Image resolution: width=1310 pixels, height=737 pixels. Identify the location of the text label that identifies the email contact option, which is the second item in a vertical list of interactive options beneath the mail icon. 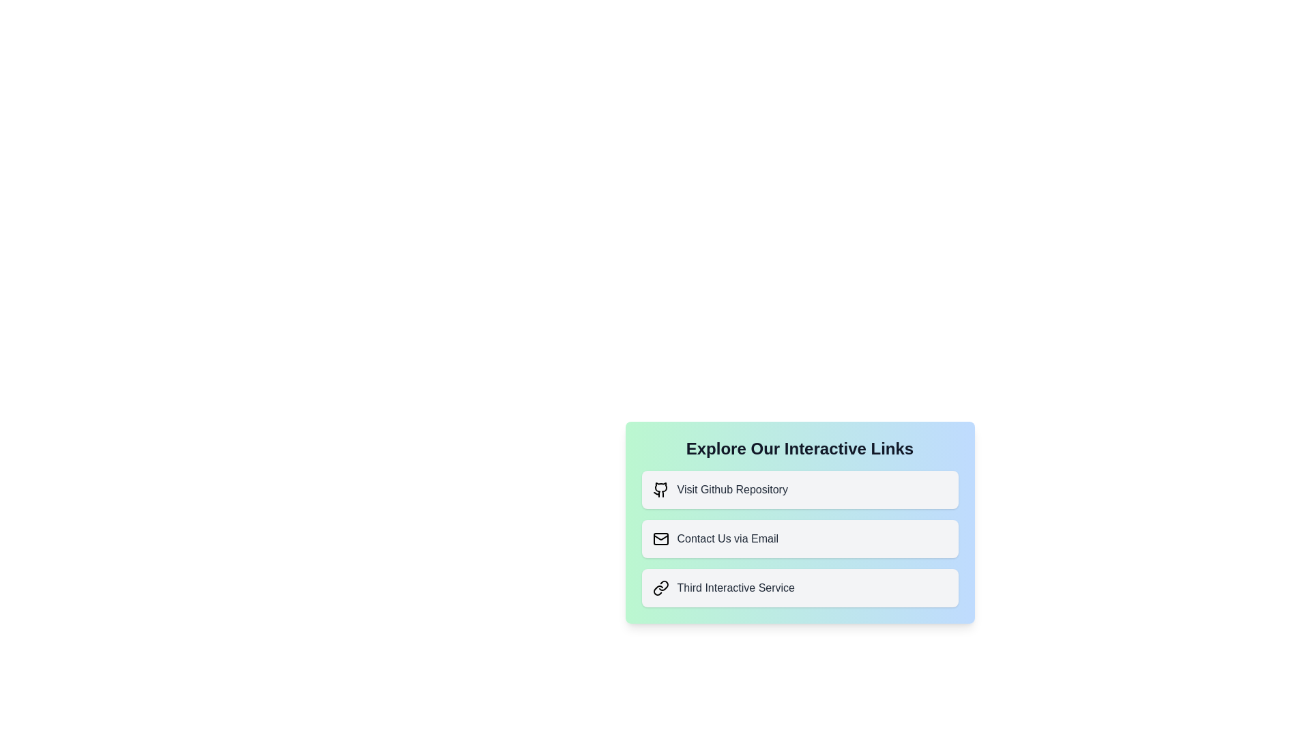
(727, 538).